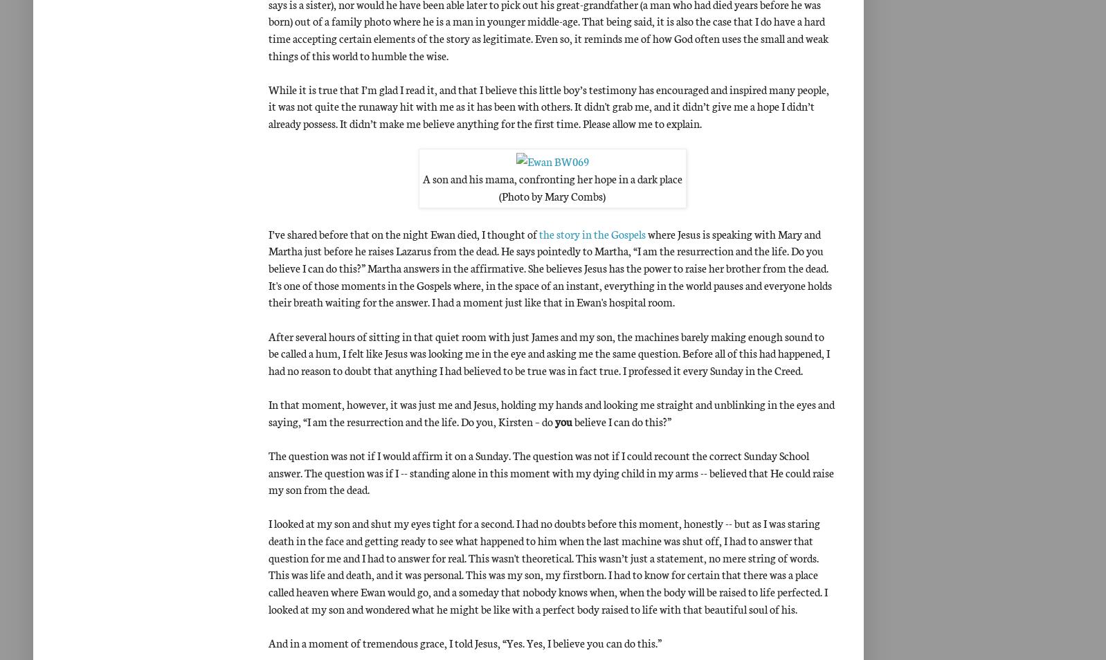  What do you see at coordinates (551, 411) in the screenshot?
I see `'In that moment, however, it was just me and Jesus, holding my hands and looking me straight and unblinking in the eyes and saying, “I am the resurrection and the life. Do you, Kirsten – do'` at bounding box center [551, 411].